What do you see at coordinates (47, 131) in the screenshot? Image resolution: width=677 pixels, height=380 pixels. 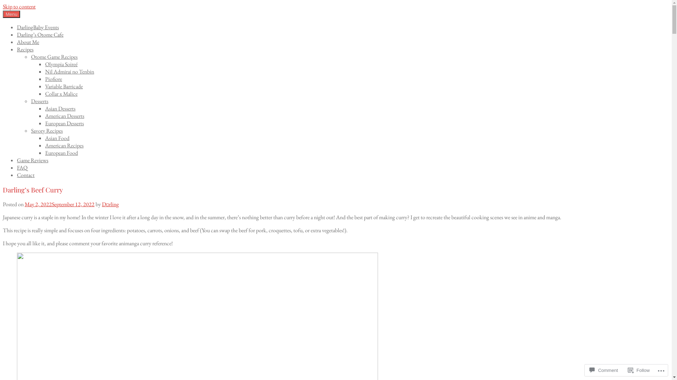 I see `'Savory Recipes'` at bounding box center [47, 131].